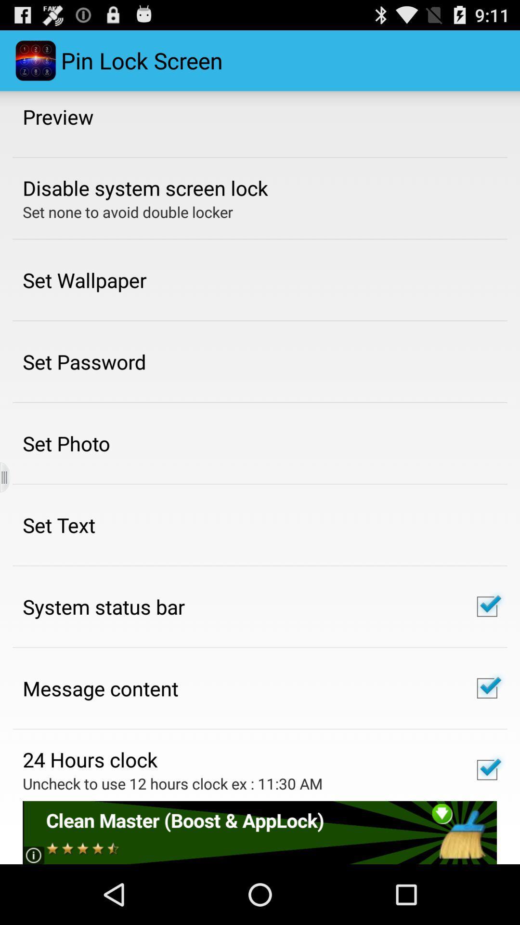 This screenshot has height=925, width=520. Describe the element at coordinates (259, 832) in the screenshot. I see `advertisement` at that location.